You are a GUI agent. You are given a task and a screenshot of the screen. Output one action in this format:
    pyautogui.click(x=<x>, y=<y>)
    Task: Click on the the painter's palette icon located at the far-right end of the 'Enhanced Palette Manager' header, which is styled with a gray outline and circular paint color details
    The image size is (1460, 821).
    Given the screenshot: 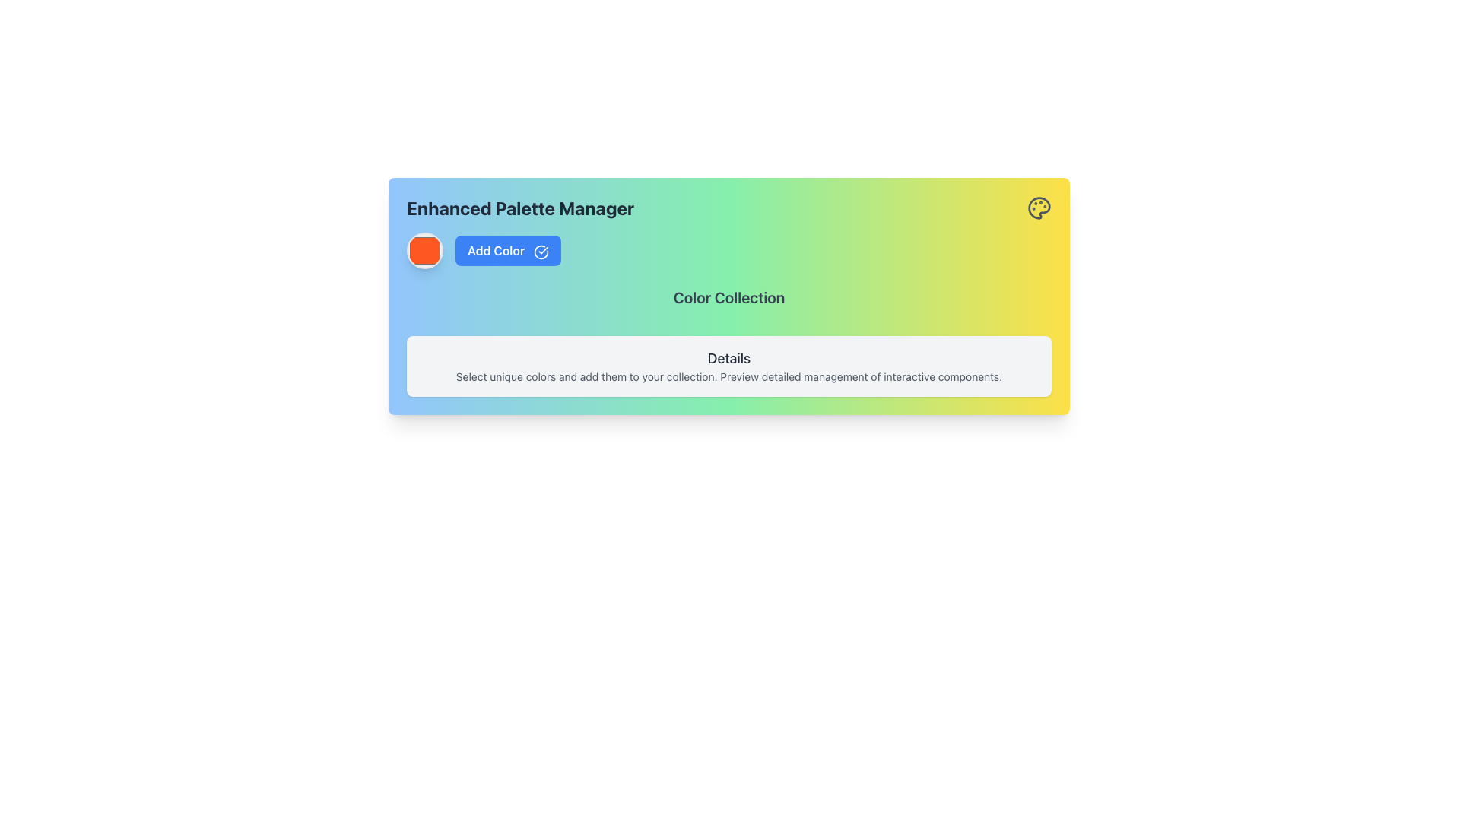 What is the action you would take?
    pyautogui.click(x=1039, y=208)
    